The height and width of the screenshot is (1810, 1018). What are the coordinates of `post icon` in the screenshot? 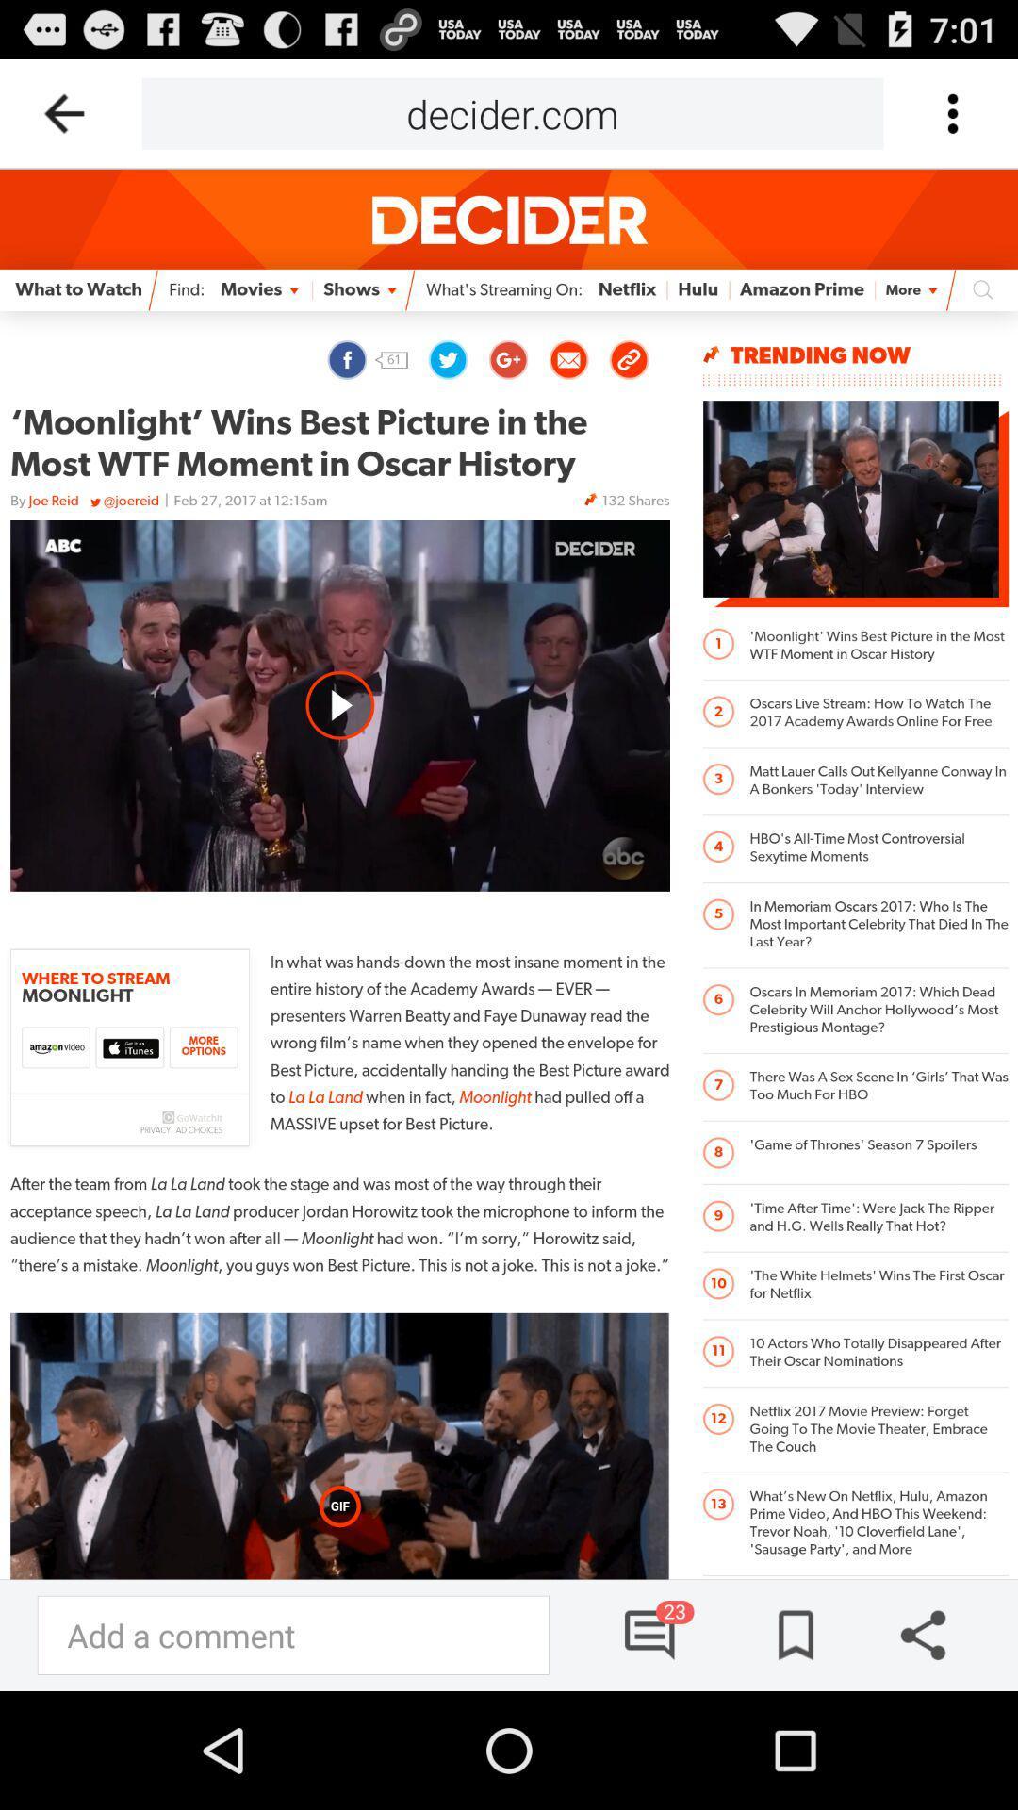 It's located at (789, 1634).